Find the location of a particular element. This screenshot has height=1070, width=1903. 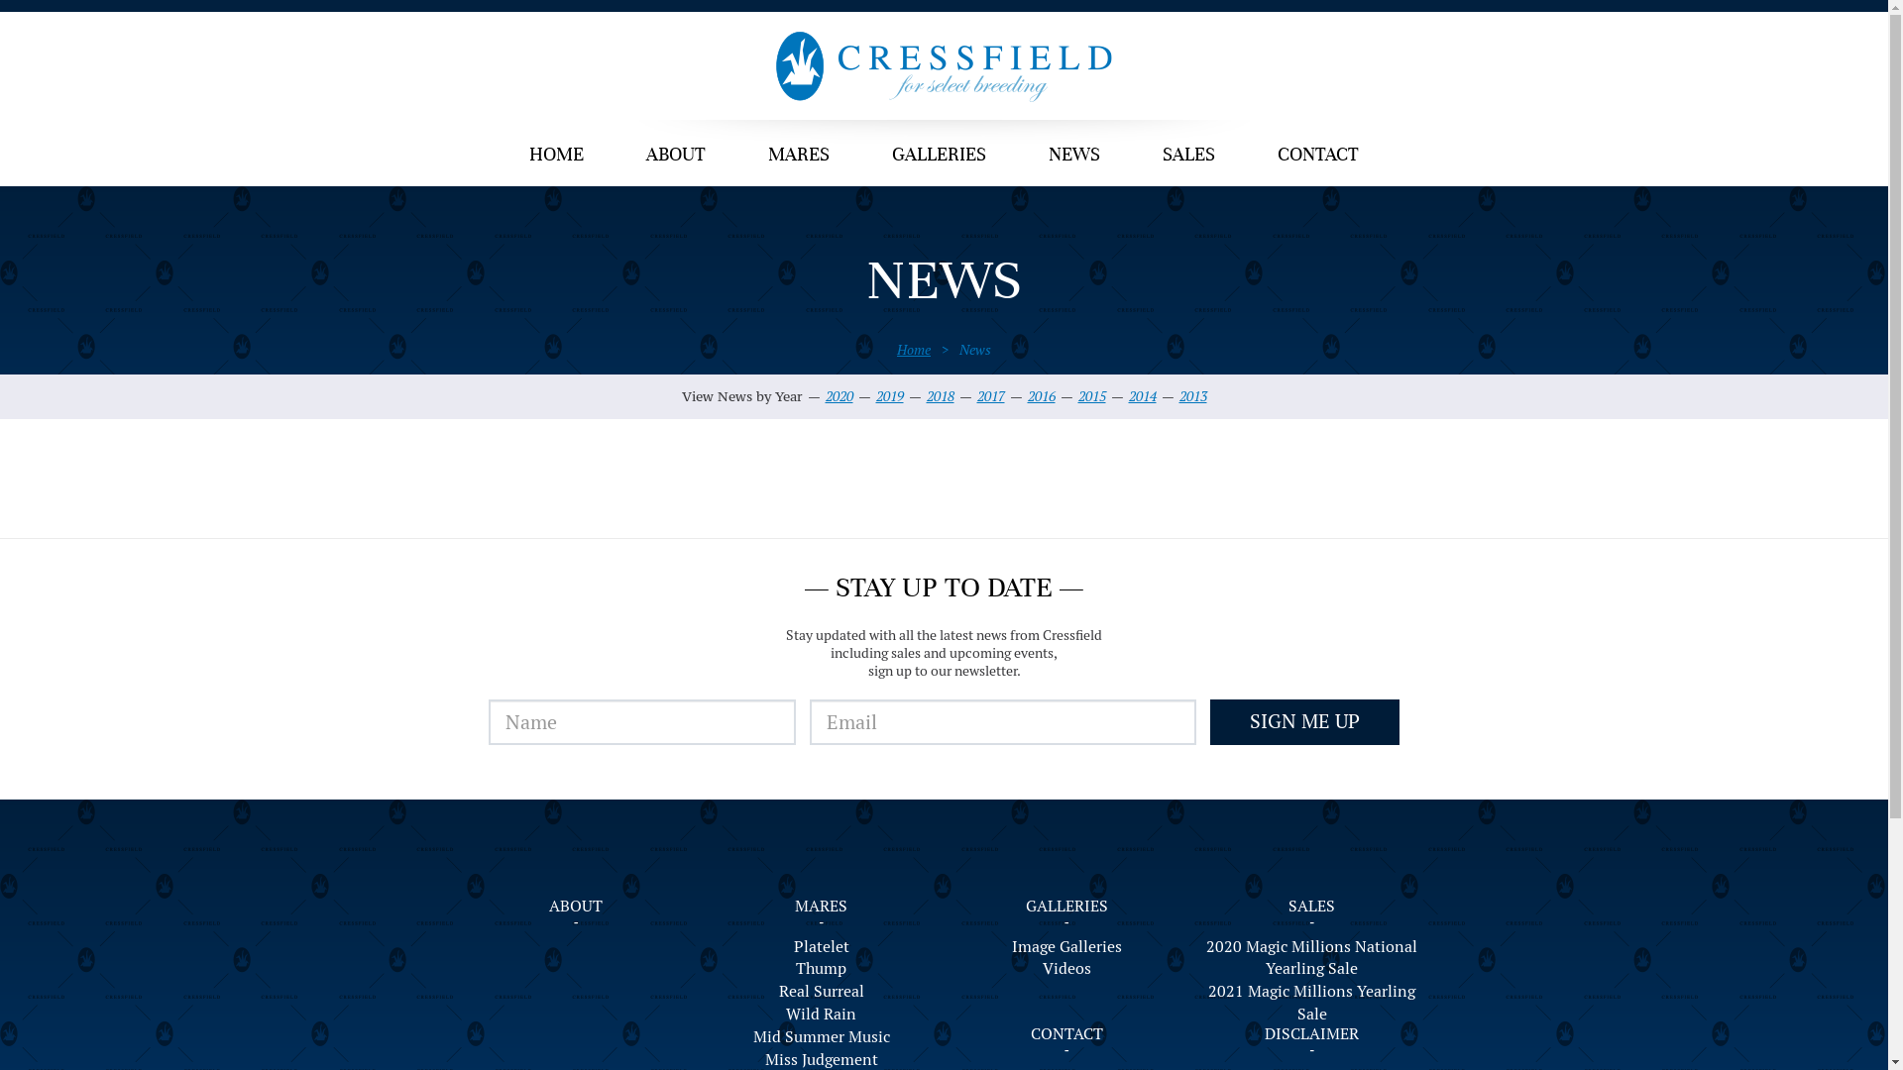

'MARES' is located at coordinates (799, 156).